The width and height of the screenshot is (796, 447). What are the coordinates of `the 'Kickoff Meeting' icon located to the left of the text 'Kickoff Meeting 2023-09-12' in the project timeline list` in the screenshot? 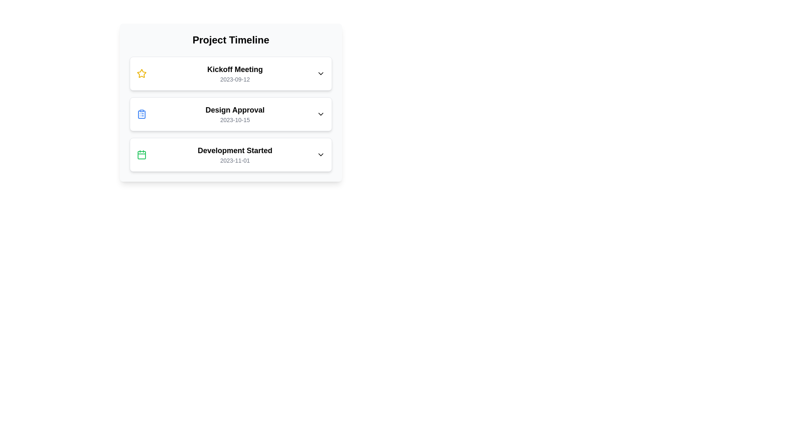 It's located at (141, 73).